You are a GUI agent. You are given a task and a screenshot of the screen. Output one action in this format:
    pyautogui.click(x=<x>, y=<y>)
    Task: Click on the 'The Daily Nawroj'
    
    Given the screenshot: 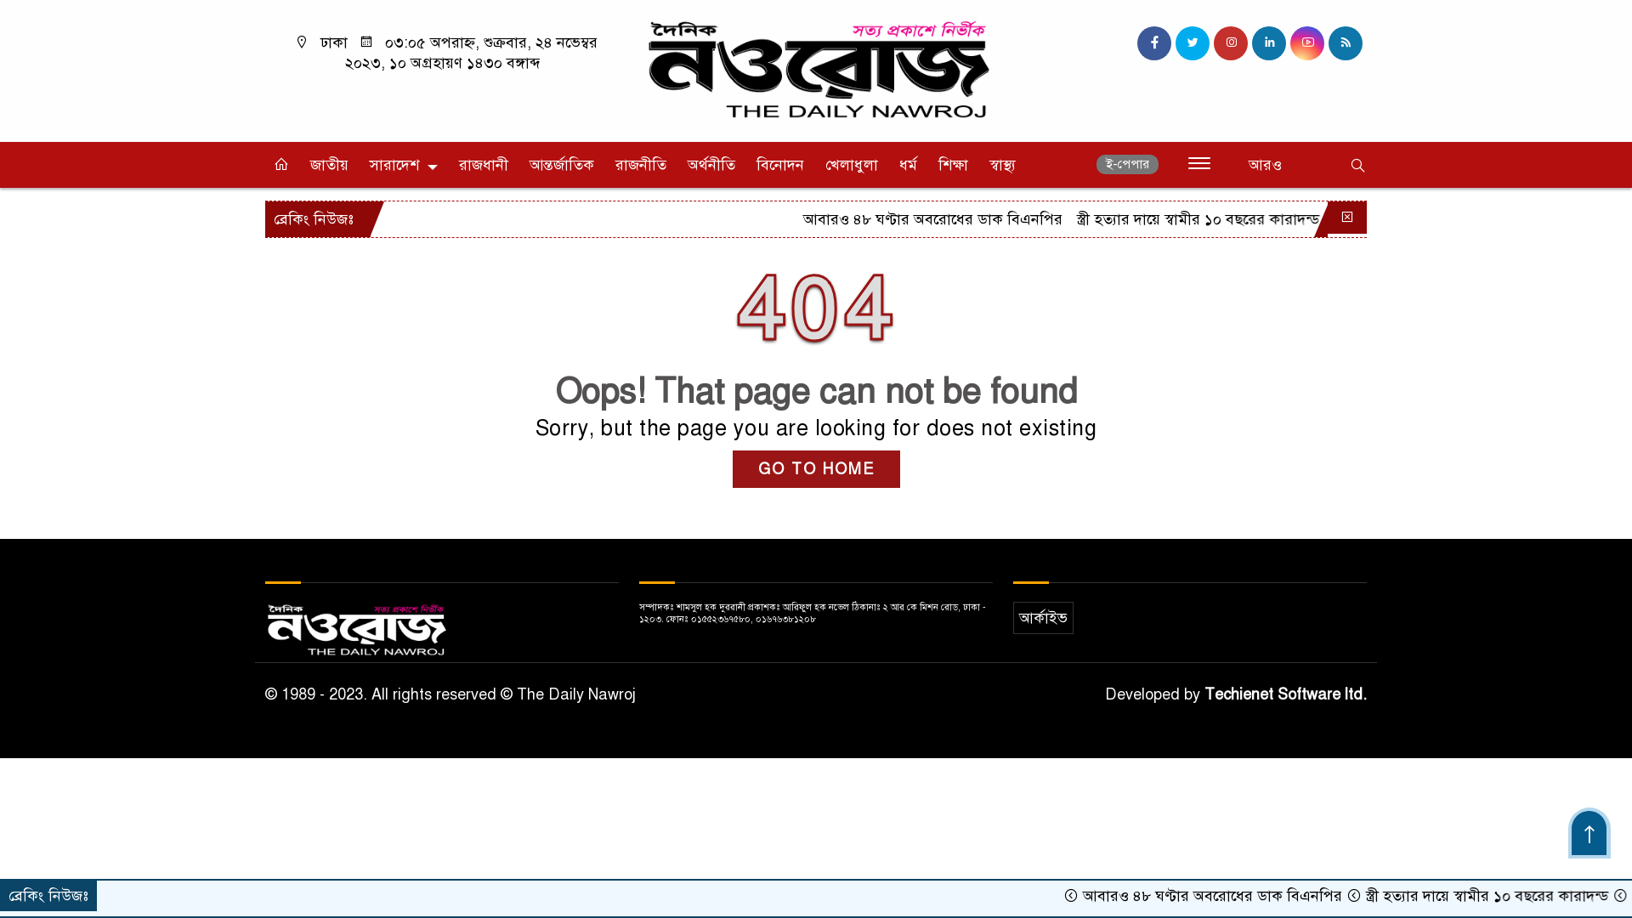 What is the action you would take?
    pyautogui.click(x=816, y=68)
    